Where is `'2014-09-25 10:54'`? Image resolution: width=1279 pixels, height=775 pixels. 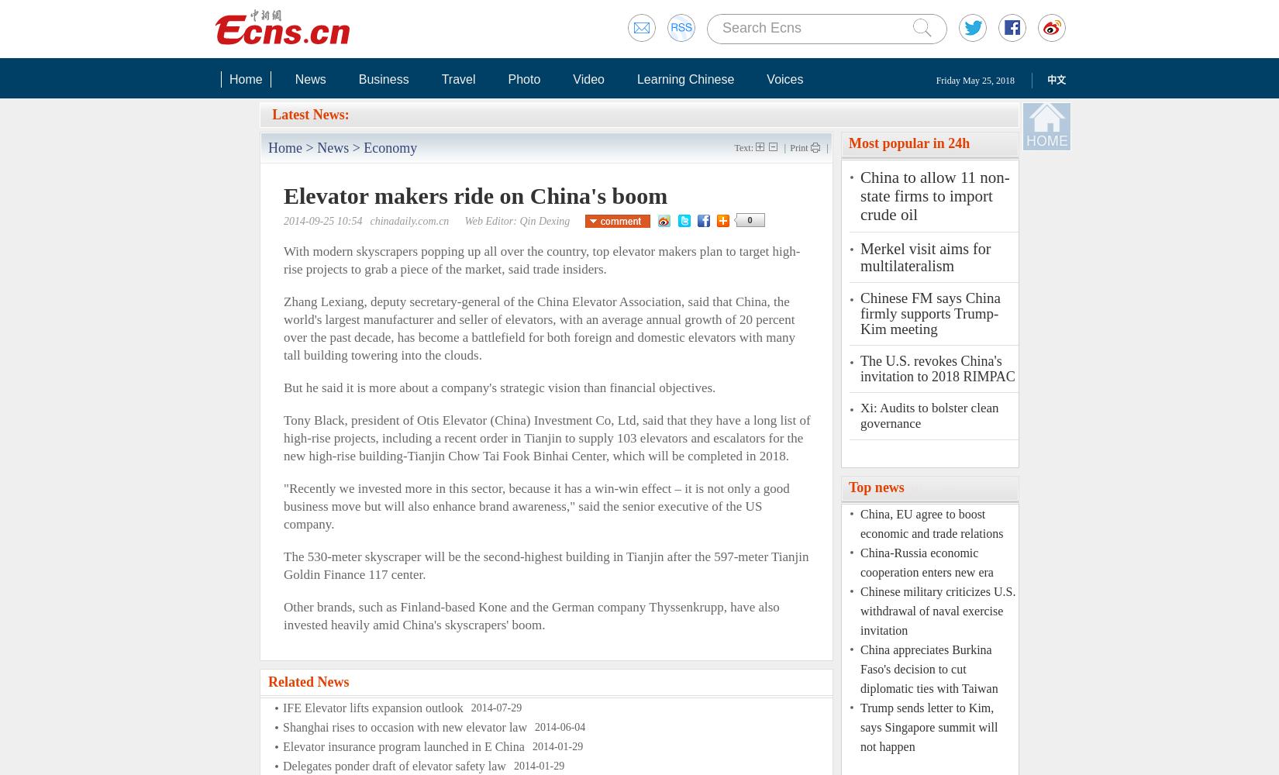
'2014-09-25 10:54' is located at coordinates (283, 221).